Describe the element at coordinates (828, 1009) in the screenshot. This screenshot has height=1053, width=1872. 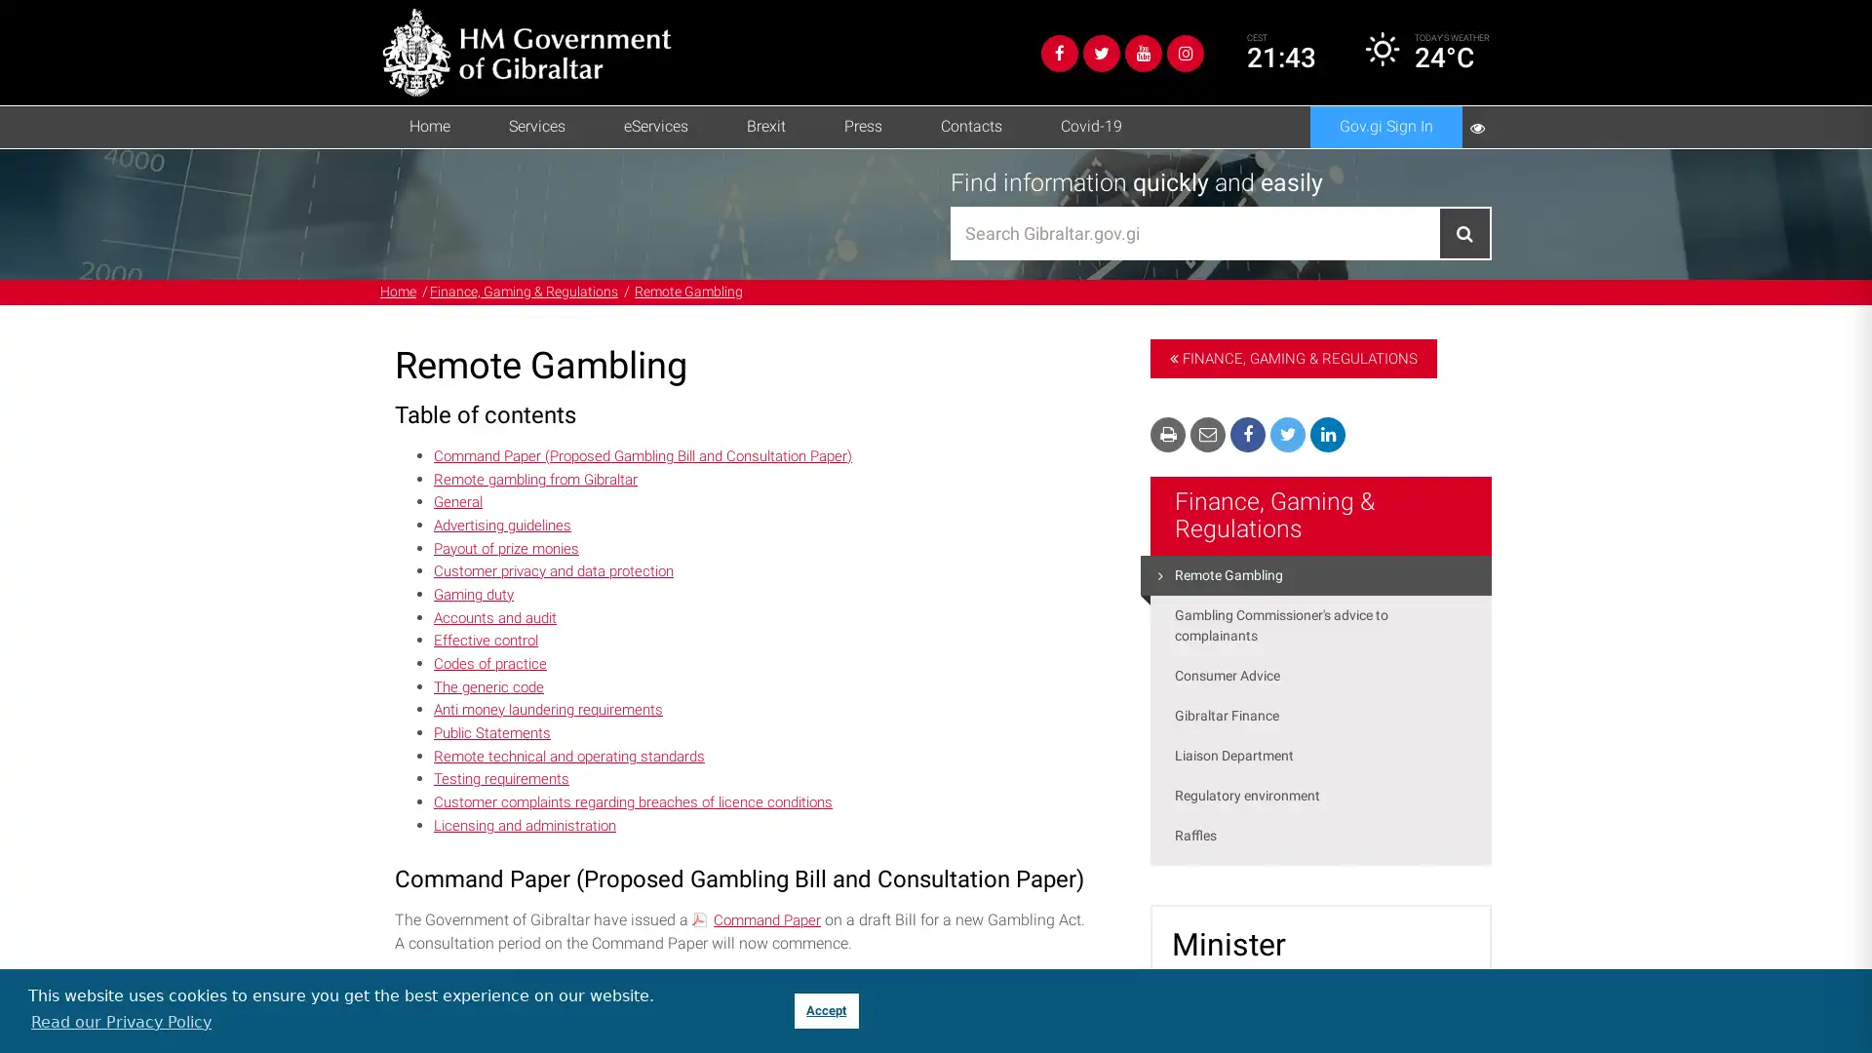
I see `dismiss cookie message` at that location.